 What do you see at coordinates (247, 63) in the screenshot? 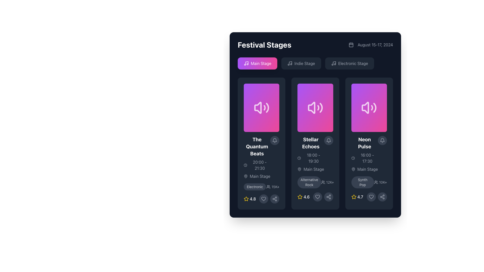
I see `the musical note icon within the SVG element located at the upper left of the 'Main Stage' button` at bounding box center [247, 63].